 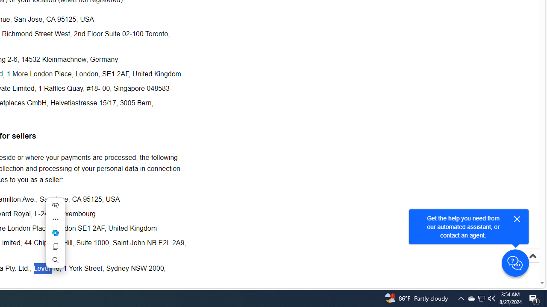 What do you see at coordinates (55, 206) in the screenshot?
I see `'Hide menu'` at bounding box center [55, 206].